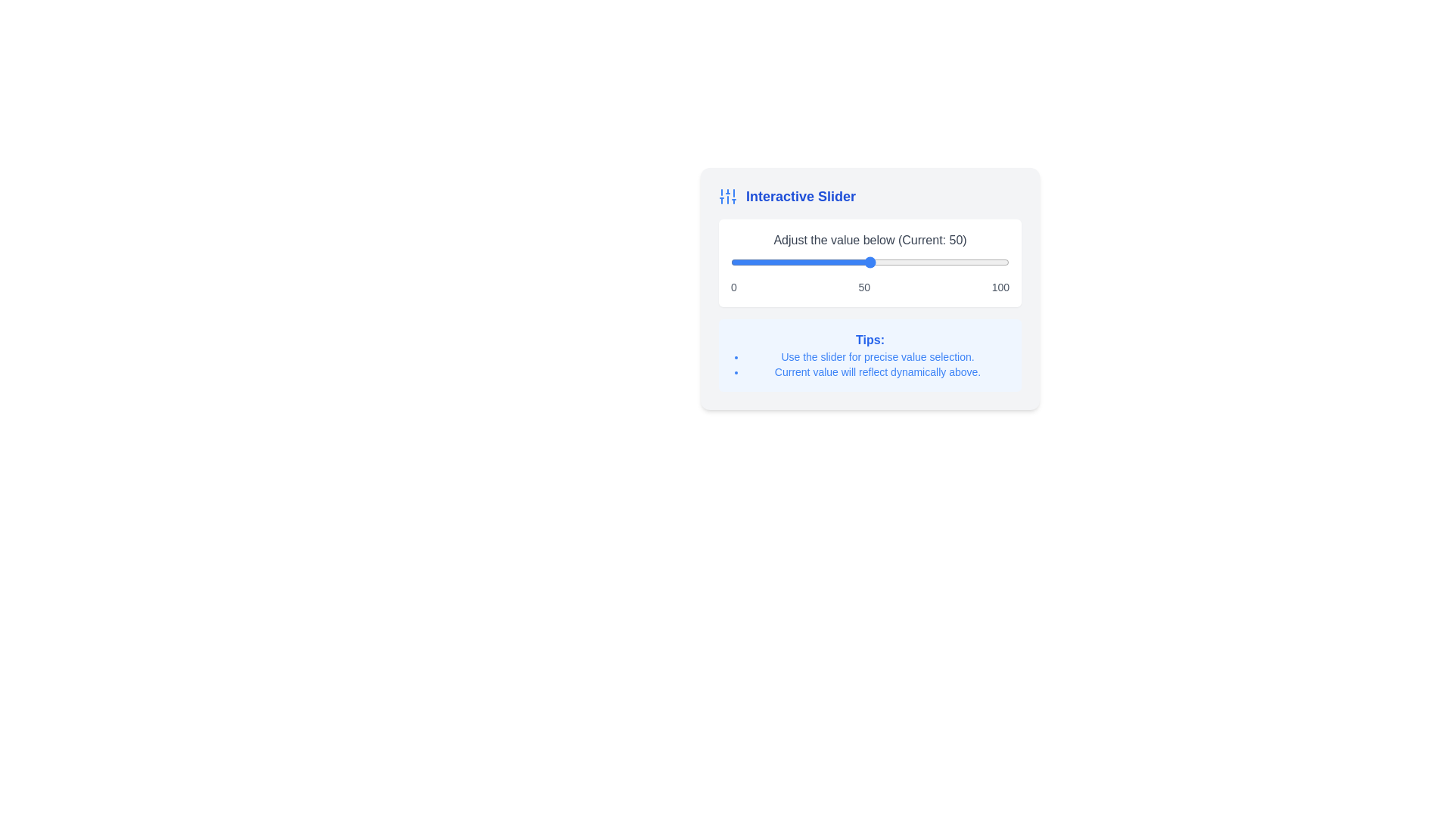  Describe the element at coordinates (911, 262) in the screenshot. I see `the slider value` at that location.